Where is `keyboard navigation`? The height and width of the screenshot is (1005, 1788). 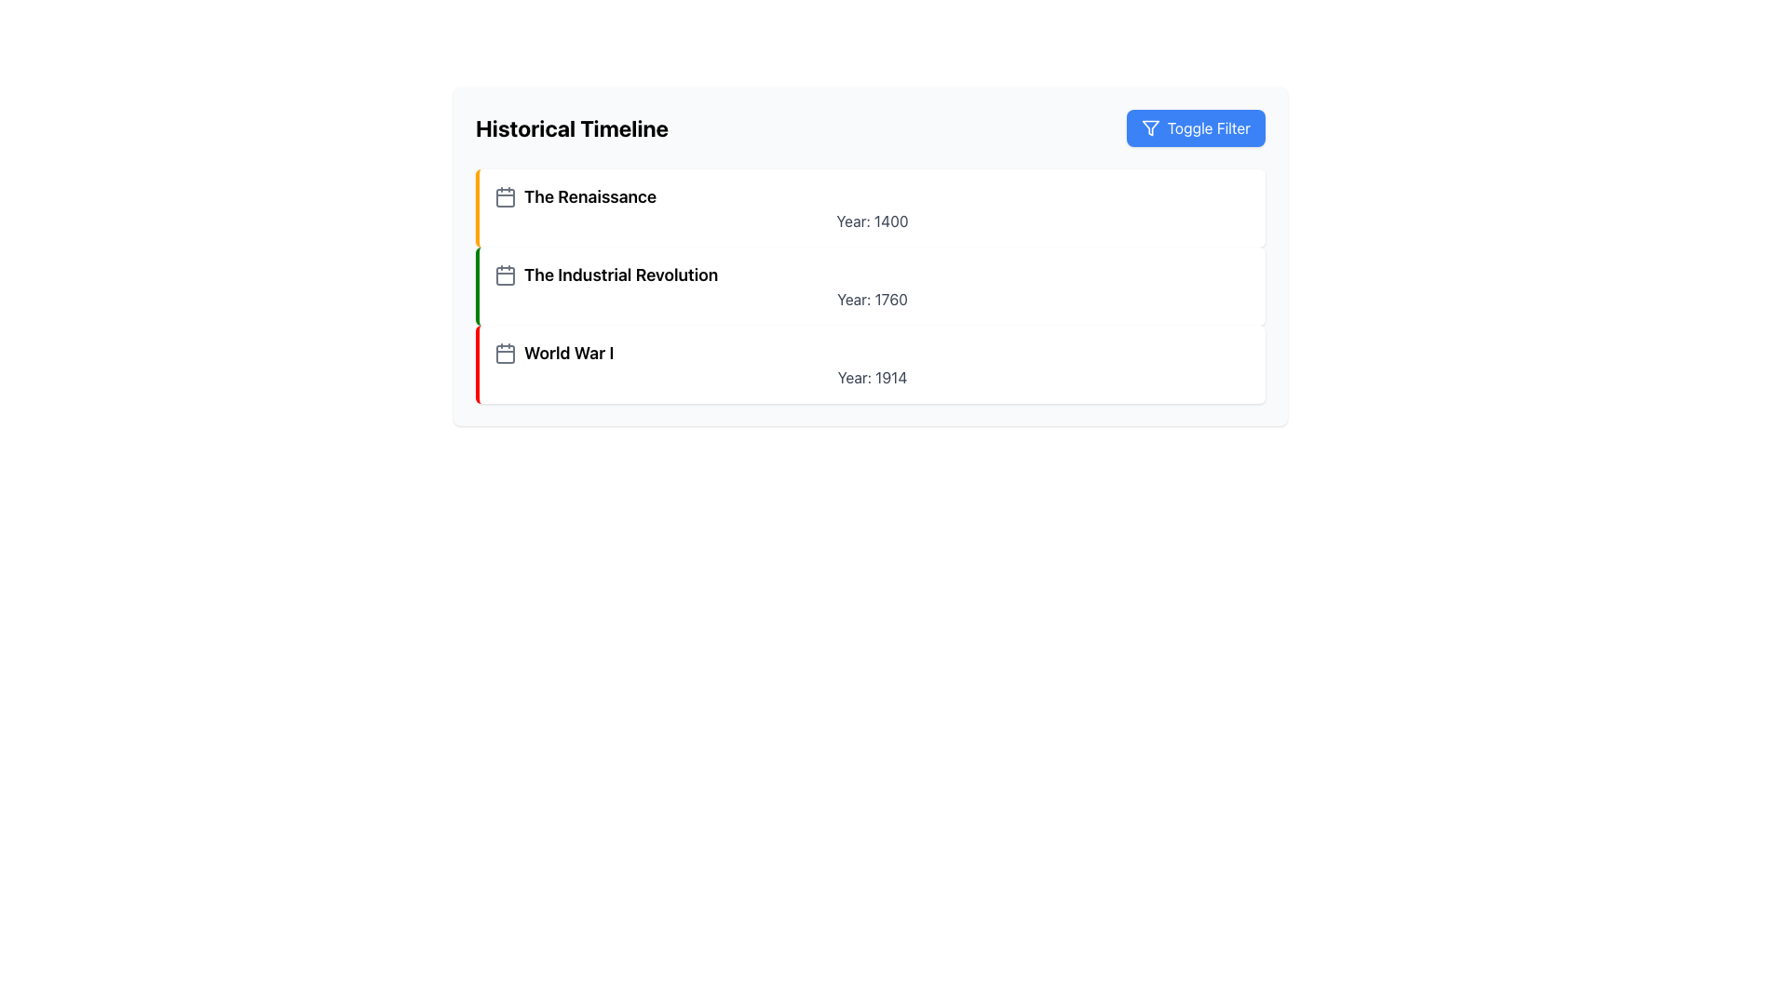
keyboard navigation is located at coordinates (871, 377).